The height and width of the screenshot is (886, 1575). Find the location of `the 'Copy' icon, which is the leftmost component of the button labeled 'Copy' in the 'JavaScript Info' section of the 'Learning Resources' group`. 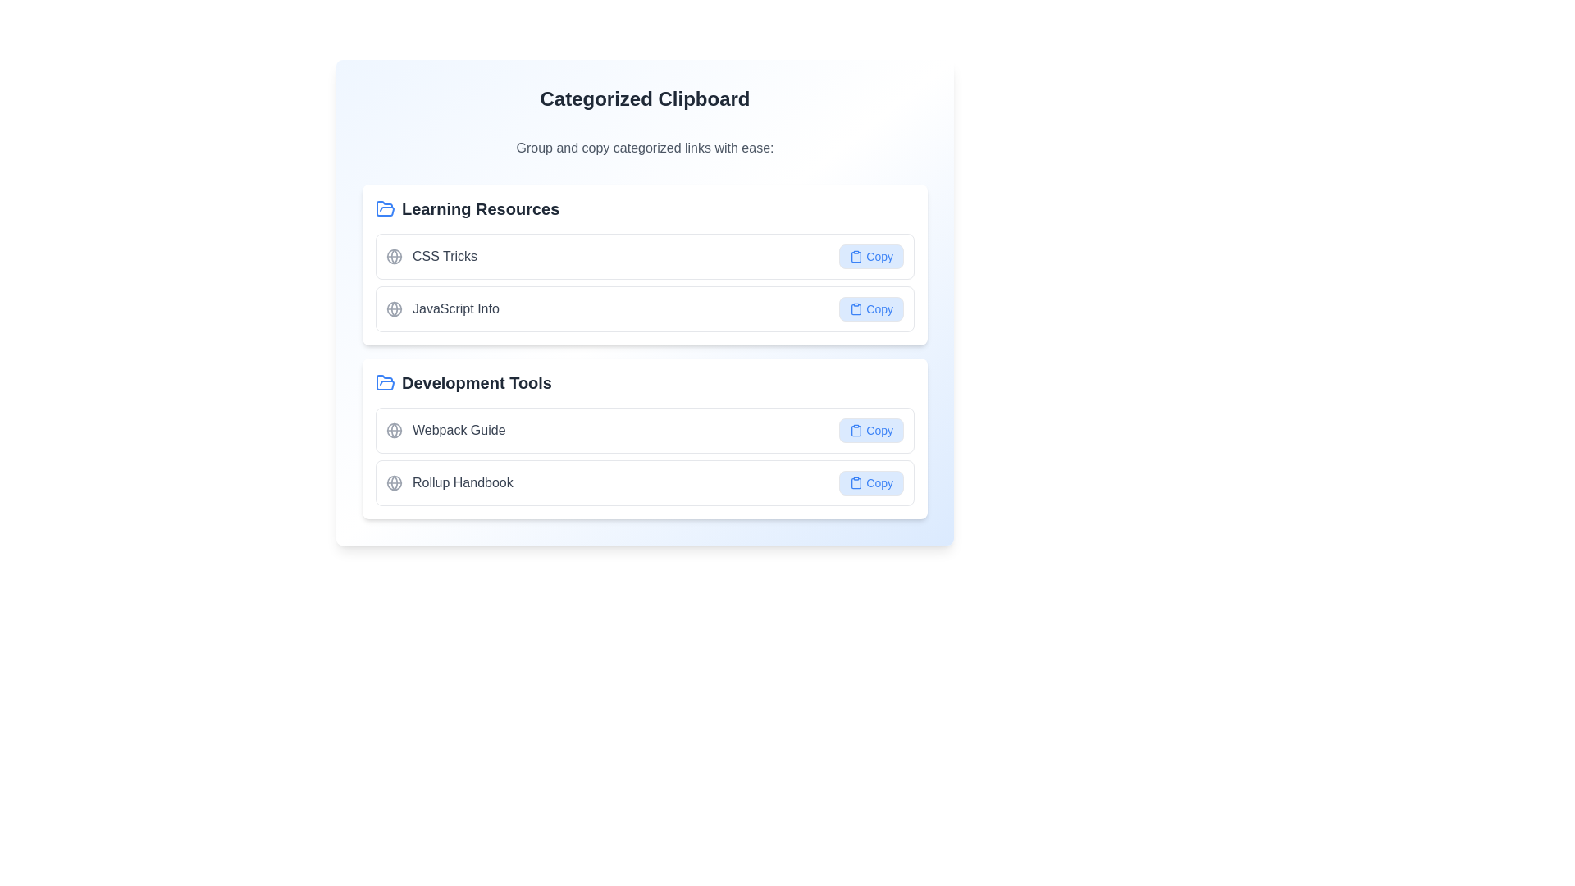

the 'Copy' icon, which is the leftmost component of the button labeled 'Copy' in the 'JavaScript Info' section of the 'Learning Resources' group is located at coordinates (856, 309).